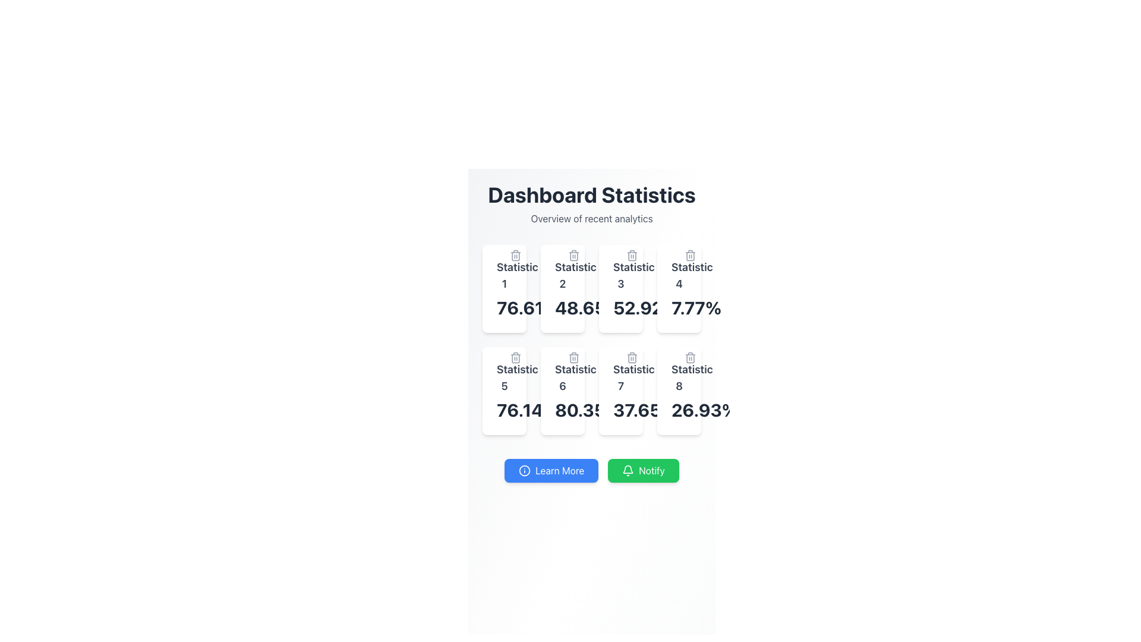  Describe the element at coordinates (620, 391) in the screenshot. I see `the Statistical Display Card element that displays 'Statistic 7' and '37.65%', located at the bottom-right grid cell of the second row` at that location.